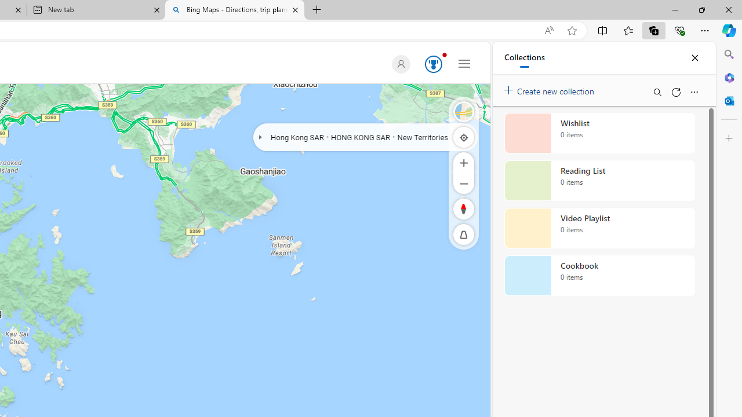  I want to click on 'Default Profile Picture', so click(401, 64).